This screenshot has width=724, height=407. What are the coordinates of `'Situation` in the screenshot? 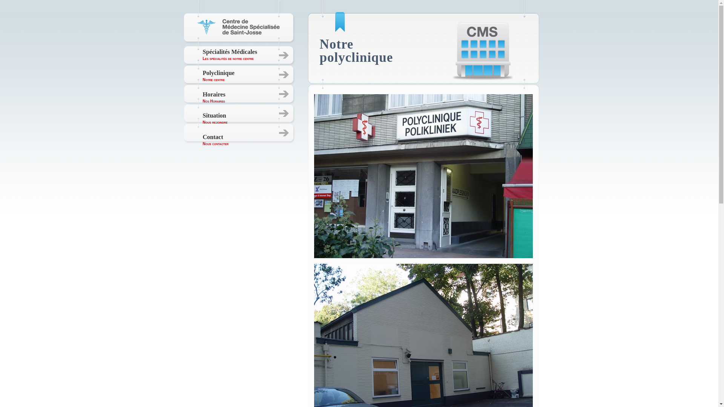 It's located at (215, 118).